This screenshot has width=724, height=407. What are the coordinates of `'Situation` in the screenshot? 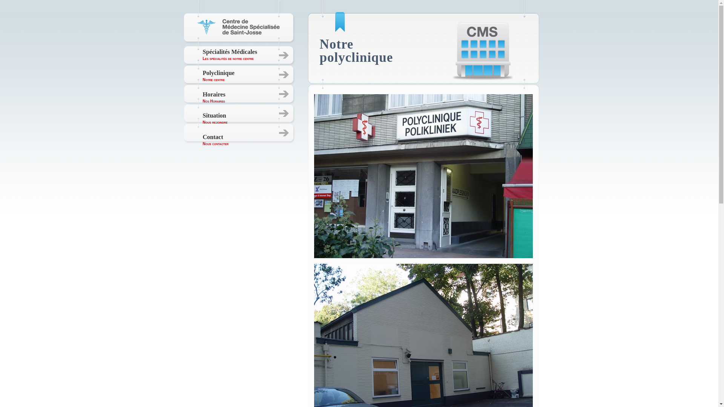 It's located at (215, 118).